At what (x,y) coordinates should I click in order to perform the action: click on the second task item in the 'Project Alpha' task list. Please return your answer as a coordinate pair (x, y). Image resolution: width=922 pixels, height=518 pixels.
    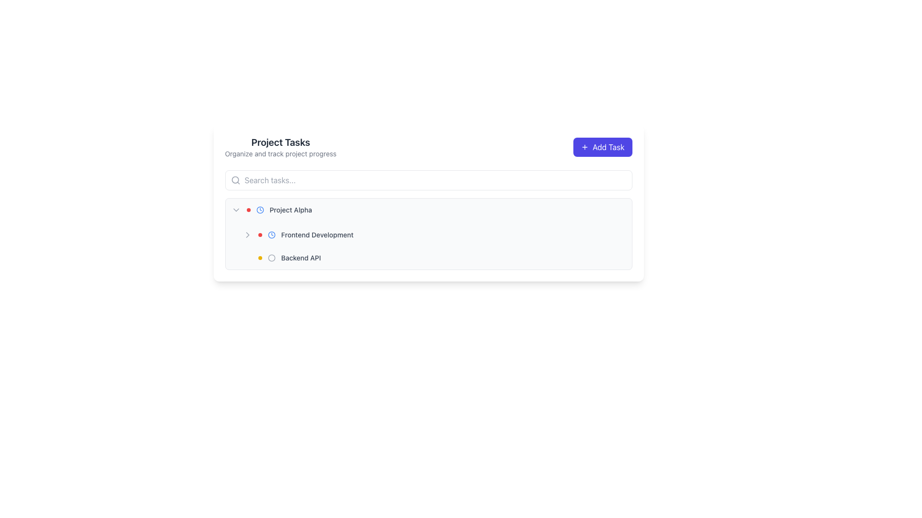
    Looking at the image, I should click on (434, 235).